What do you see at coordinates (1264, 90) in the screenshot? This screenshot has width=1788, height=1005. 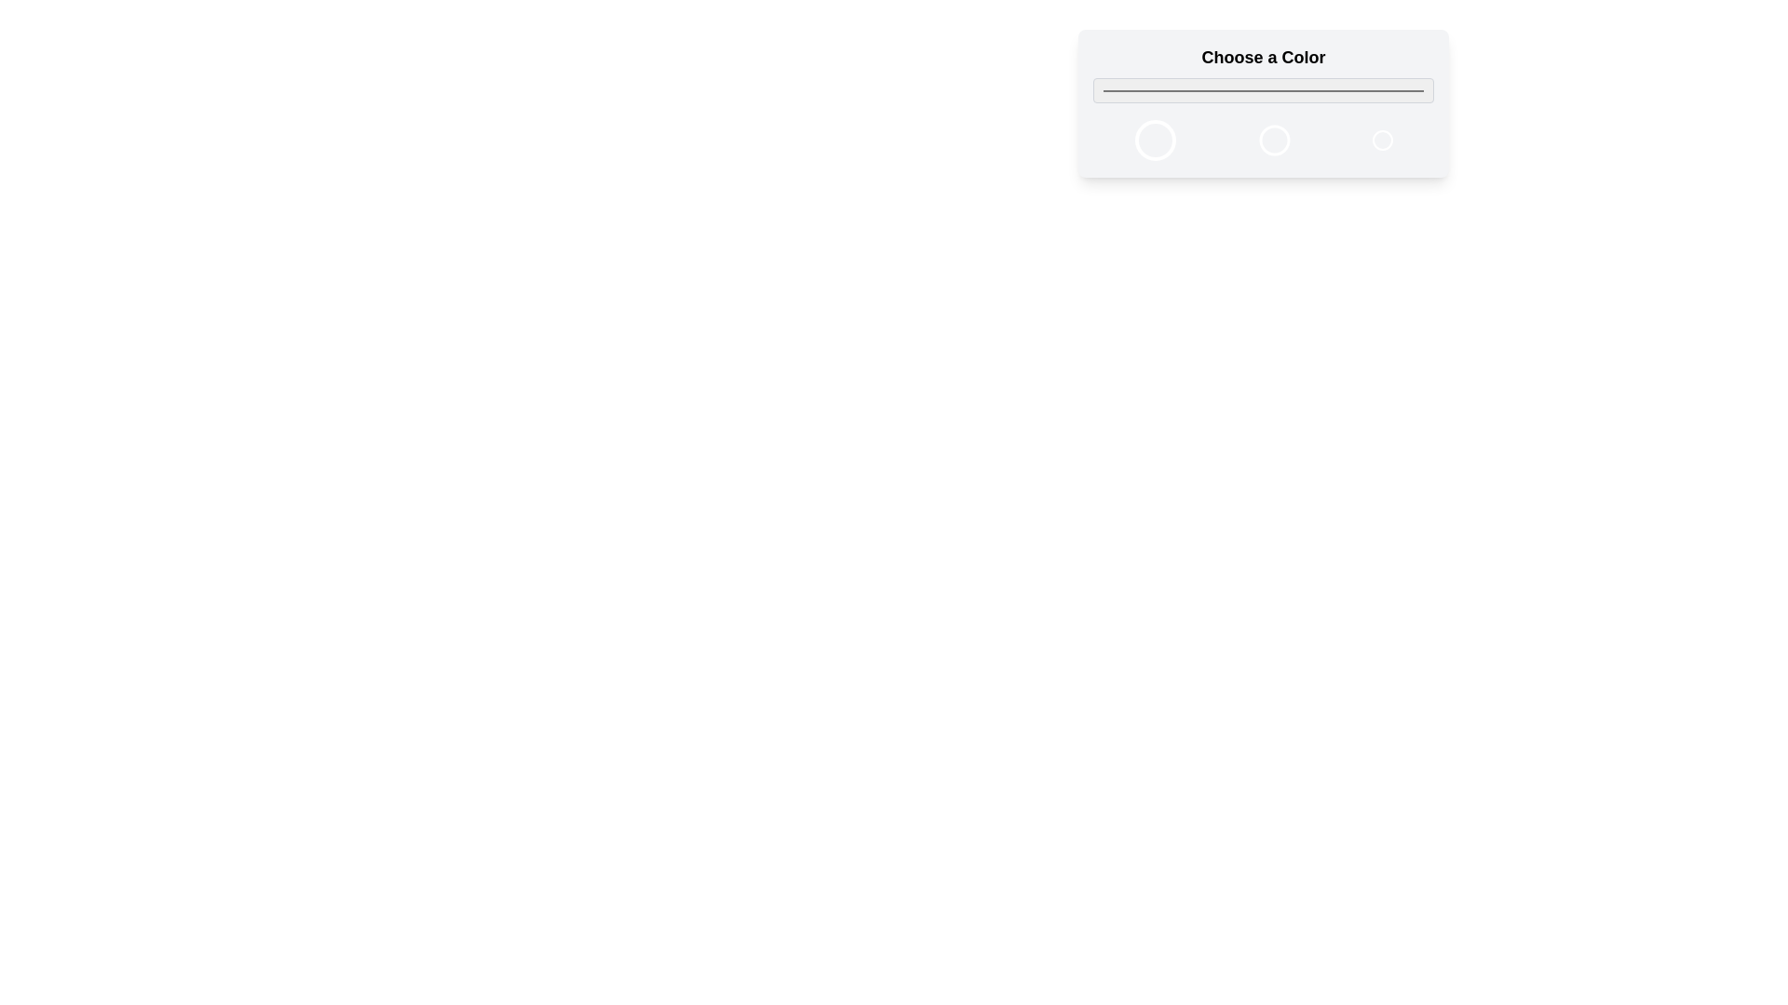 I see `the color selector input field located beneath the 'Choose a Color' label` at bounding box center [1264, 90].